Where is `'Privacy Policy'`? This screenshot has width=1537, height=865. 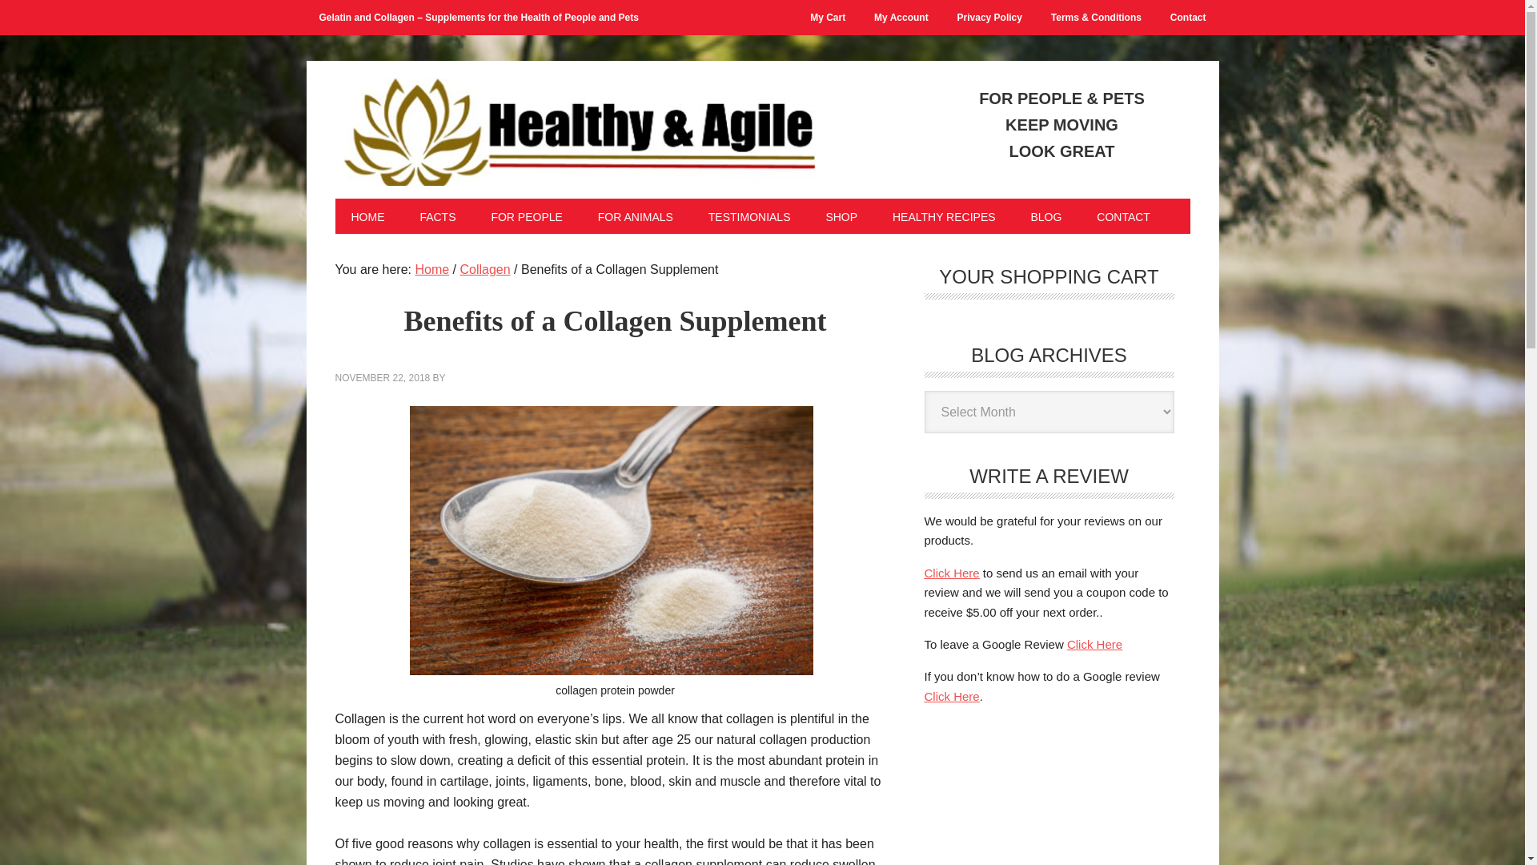 'Privacy Policy' is located at coordinates (989, 18).